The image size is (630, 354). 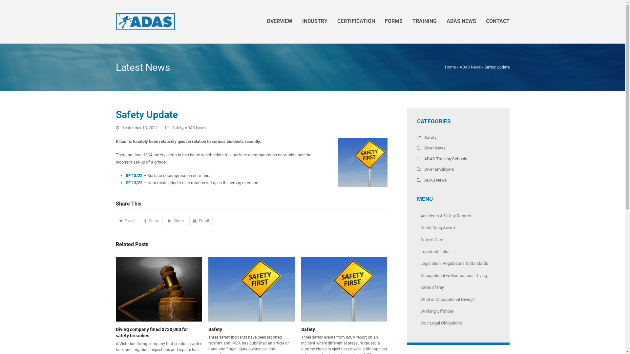 What do you see at coordinates (445, 67) in the screenshot?
I see `'Home'` at bounding box center [445, 67].